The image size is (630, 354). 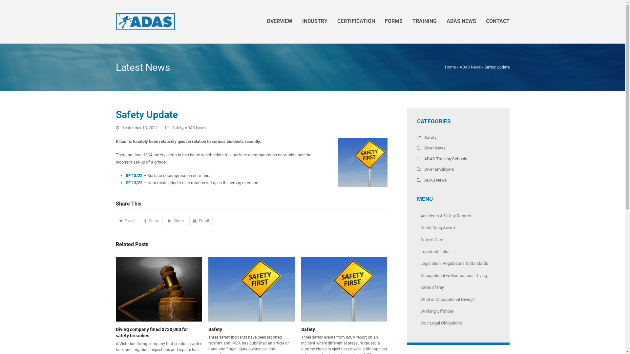 What do you see at coordinates (445, 67) in the screenshot?
I see `'Home'` at bounding box center [445, 67].